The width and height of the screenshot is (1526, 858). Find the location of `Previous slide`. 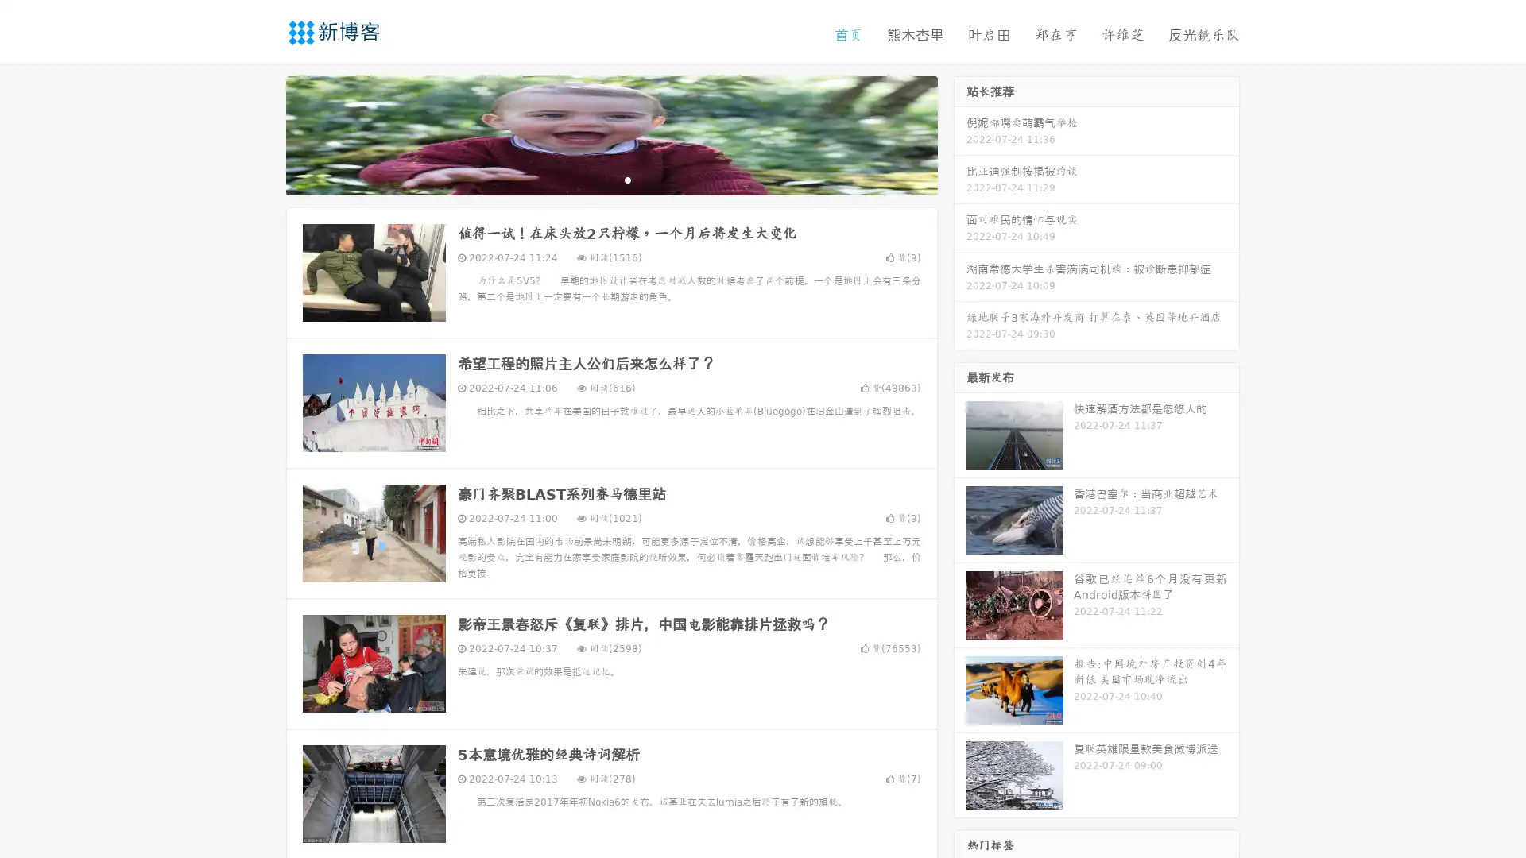

Previous slide is located at coordinates (262, 133).